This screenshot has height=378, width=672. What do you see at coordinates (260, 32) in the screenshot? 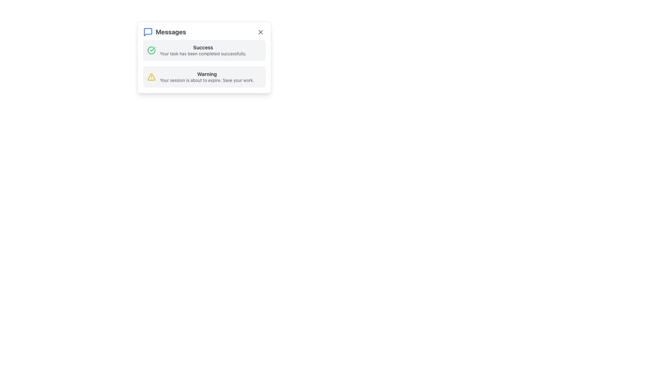
I see `the rounded button with a grey 'X' icon located at the rightmost end of the 'Messages' section header to prepare for keyboard interaction` at bounding box center [260, 32].